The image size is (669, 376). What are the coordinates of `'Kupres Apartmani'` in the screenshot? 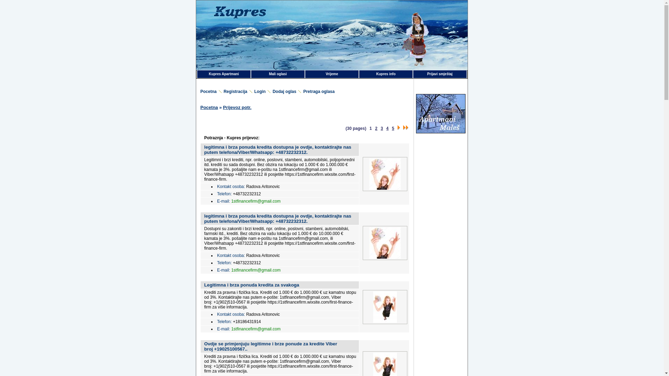 It's located at (224, 74).